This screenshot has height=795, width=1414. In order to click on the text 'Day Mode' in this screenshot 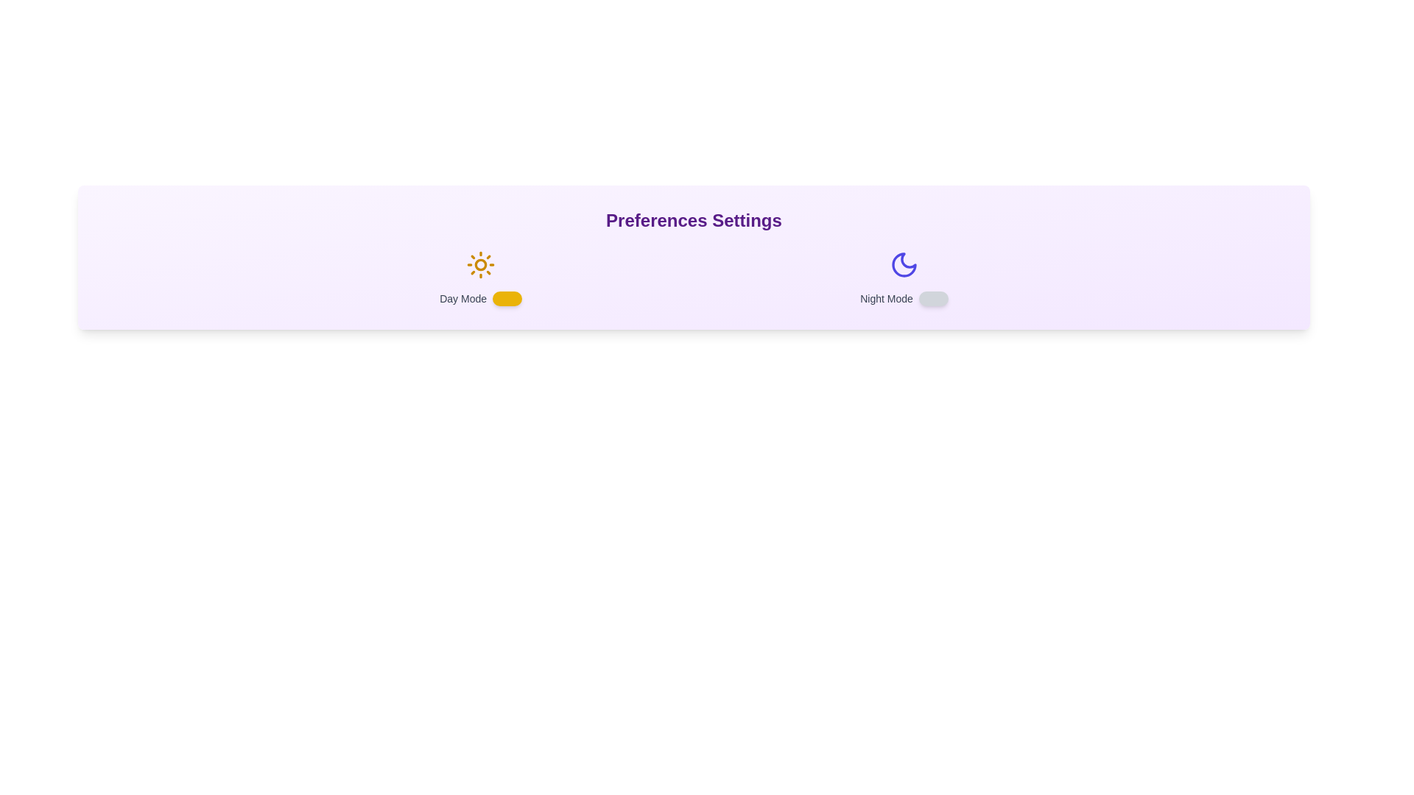, I will do `click(480, 278)`.